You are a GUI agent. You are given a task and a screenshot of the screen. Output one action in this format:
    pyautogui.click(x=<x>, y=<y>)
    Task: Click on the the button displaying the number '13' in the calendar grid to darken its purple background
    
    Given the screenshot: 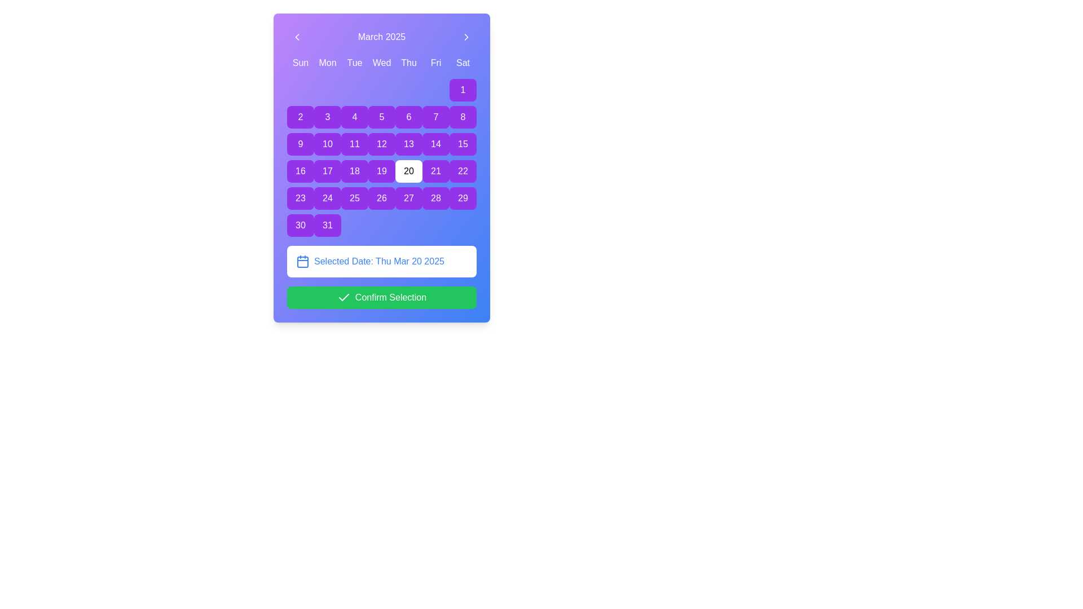 What is the action you would take?
    pyautogui.click(x=408, y=143)
    